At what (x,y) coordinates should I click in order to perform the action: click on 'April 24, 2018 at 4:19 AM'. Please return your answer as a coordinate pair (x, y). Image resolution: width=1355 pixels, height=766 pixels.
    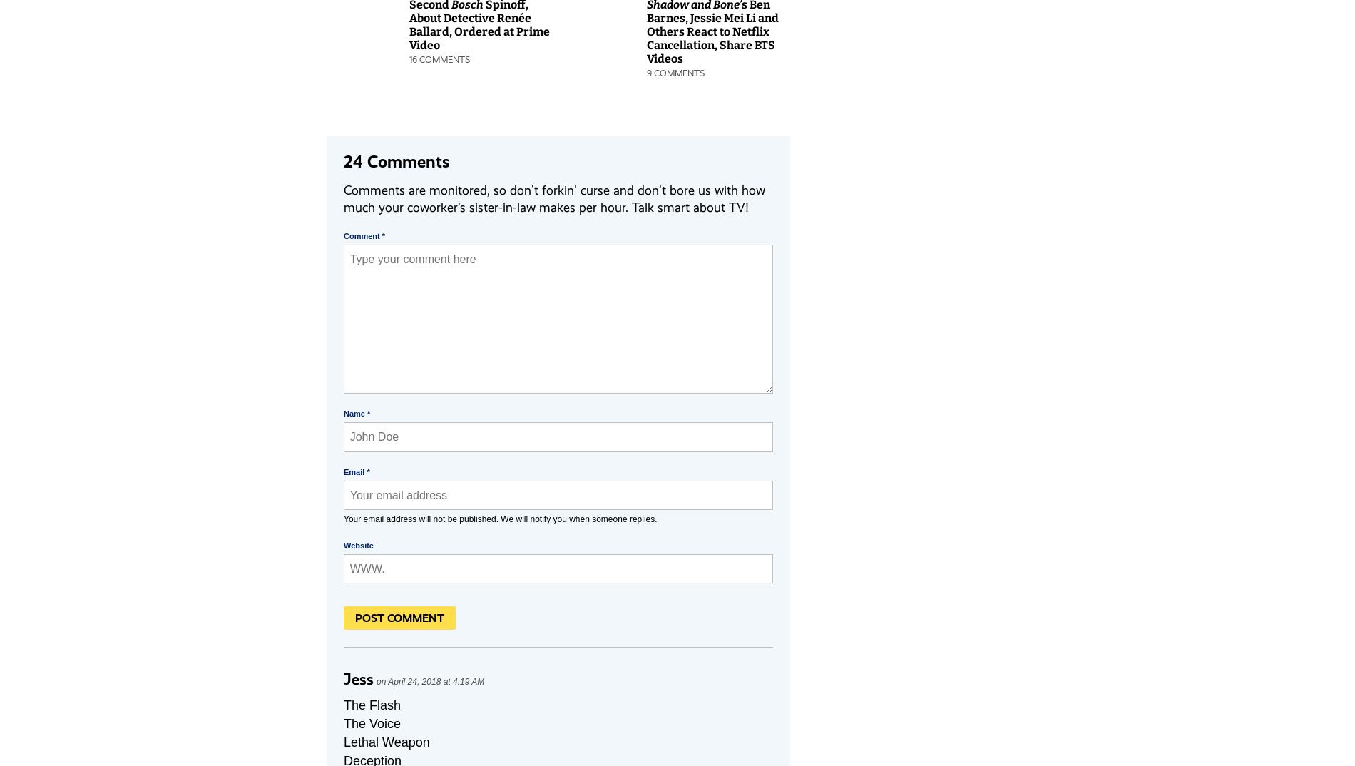
    Looking at the image, I should click on (436, 681).